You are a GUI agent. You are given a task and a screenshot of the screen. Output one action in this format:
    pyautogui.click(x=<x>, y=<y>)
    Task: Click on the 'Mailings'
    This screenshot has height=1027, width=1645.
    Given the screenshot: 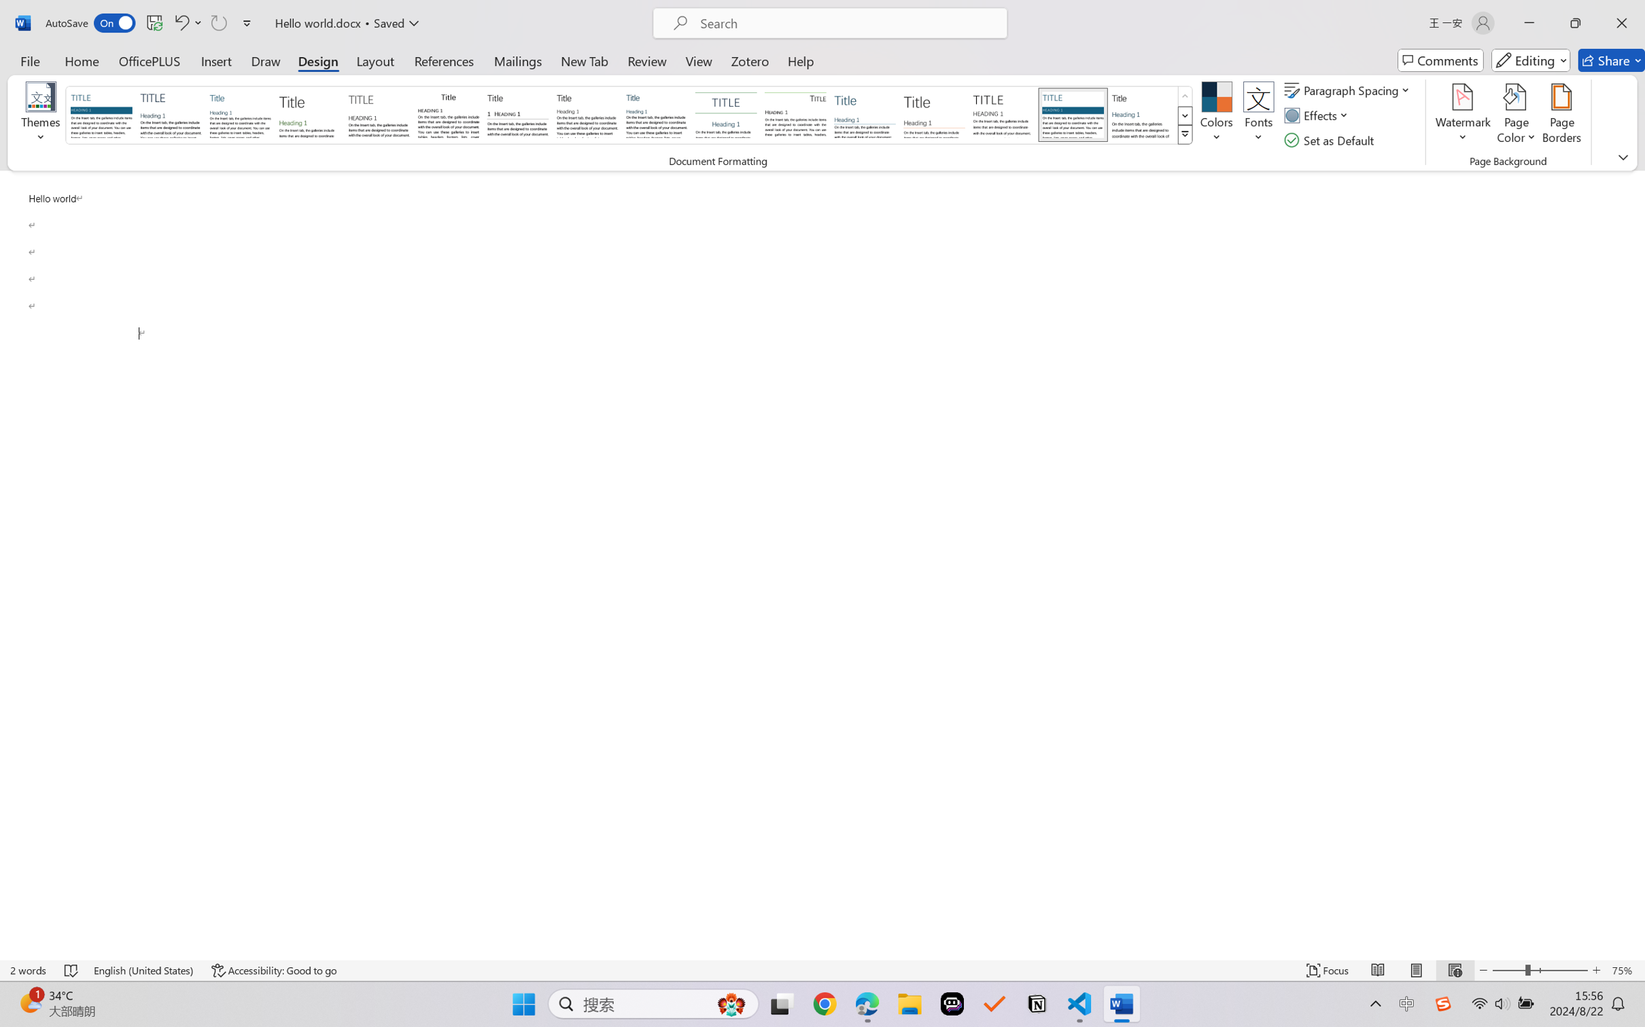 What is the action you would take?
    pyautogui.click(x=518, y=60)
    